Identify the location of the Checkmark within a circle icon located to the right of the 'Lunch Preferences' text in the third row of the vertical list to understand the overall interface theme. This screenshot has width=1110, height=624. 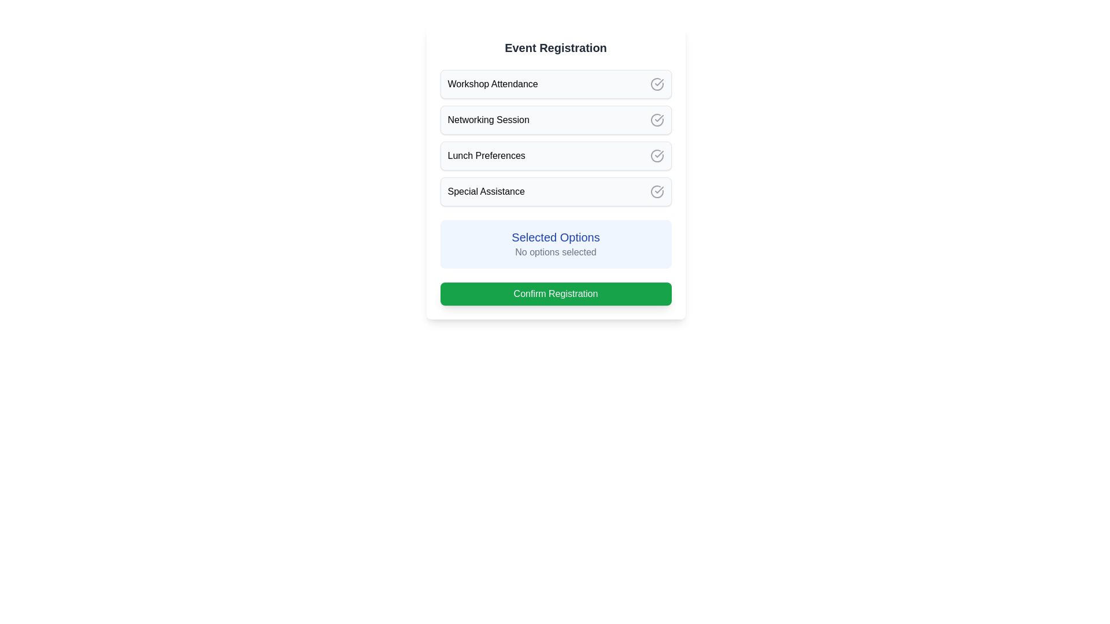
(657, 156).